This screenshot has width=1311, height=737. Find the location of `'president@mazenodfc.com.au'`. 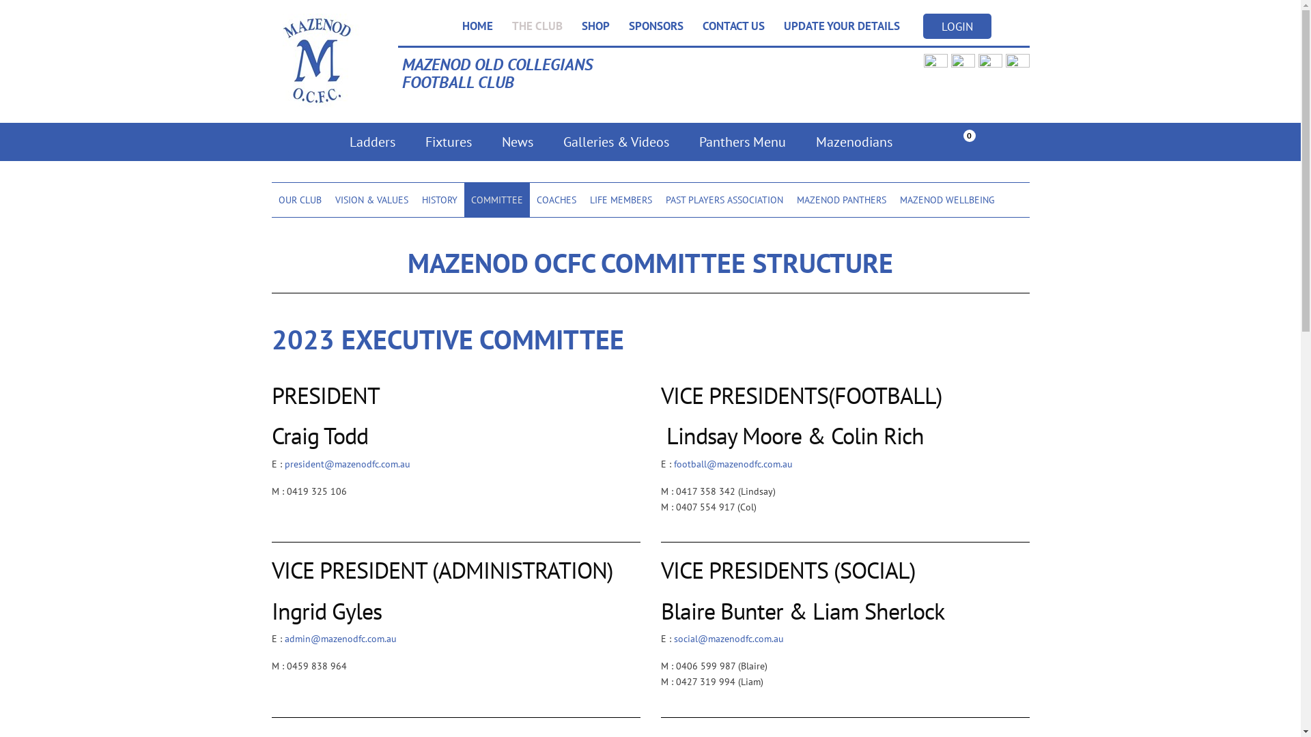

'president@mazenodfc.com.au' is located at coordinates (283, 463).